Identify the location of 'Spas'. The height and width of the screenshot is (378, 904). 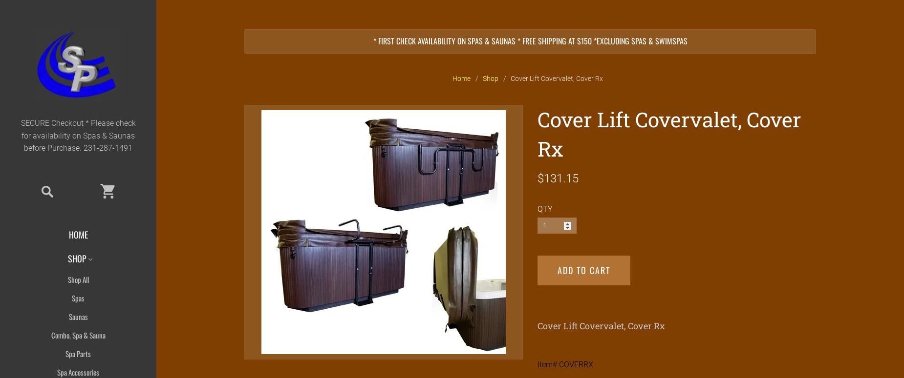
(78, 298).